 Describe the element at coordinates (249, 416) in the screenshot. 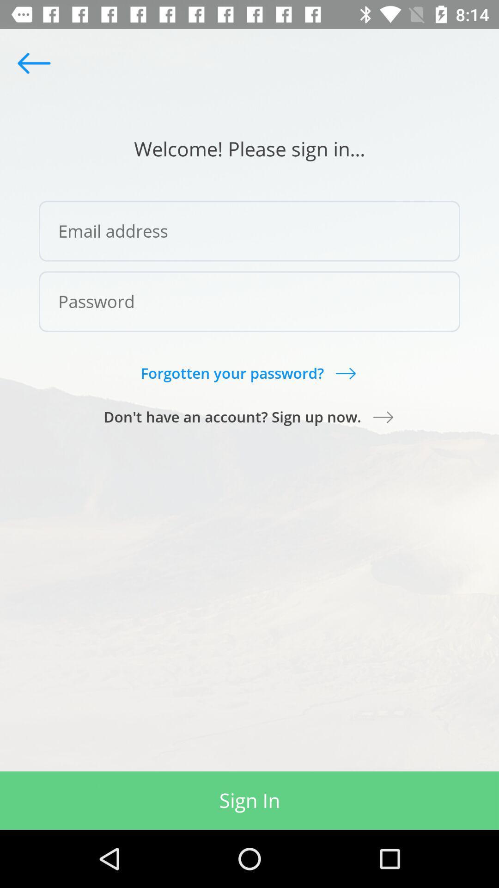

I see `the item above the sign in item` at that location.